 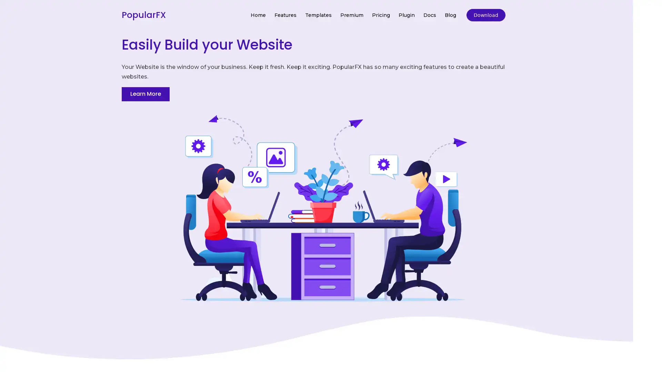 I want to click on Subscribe to PopularFX Newsletters, so click(x=330, y=173).